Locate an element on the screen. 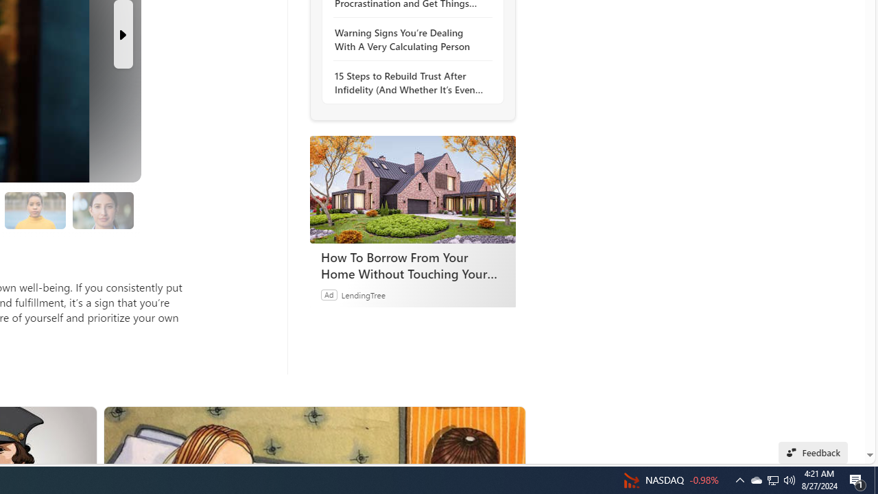  'Class: progress' is located at coordinates (102, 208).